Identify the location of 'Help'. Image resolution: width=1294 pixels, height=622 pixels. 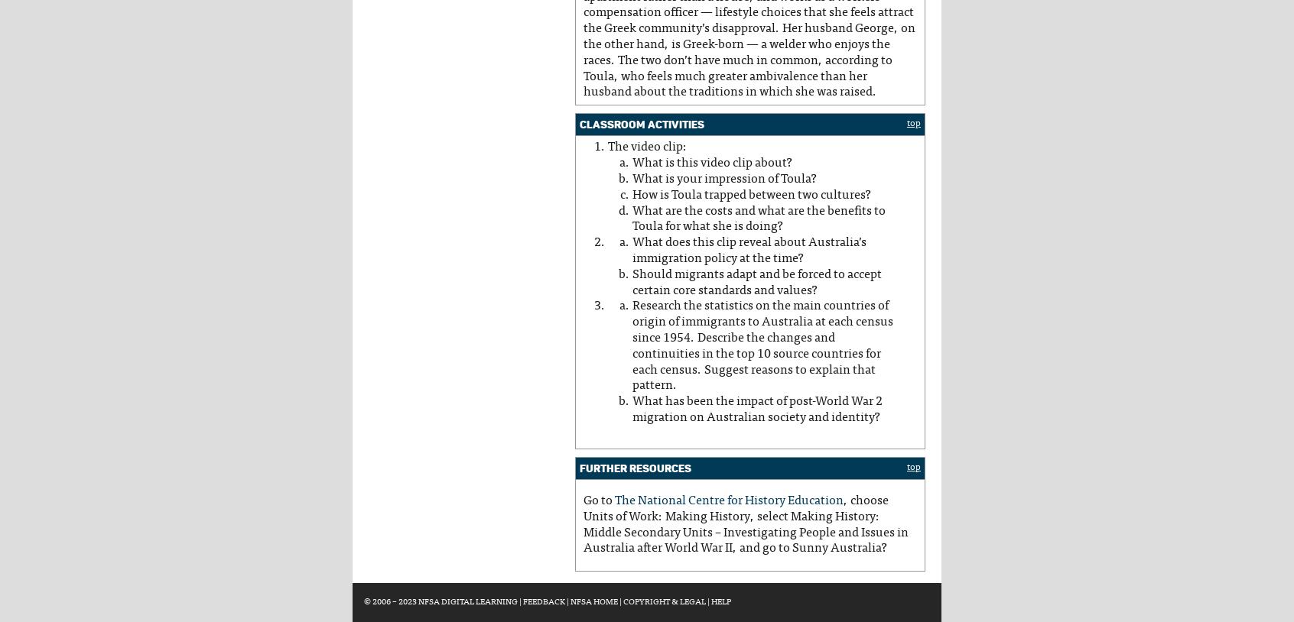
(720, 601).